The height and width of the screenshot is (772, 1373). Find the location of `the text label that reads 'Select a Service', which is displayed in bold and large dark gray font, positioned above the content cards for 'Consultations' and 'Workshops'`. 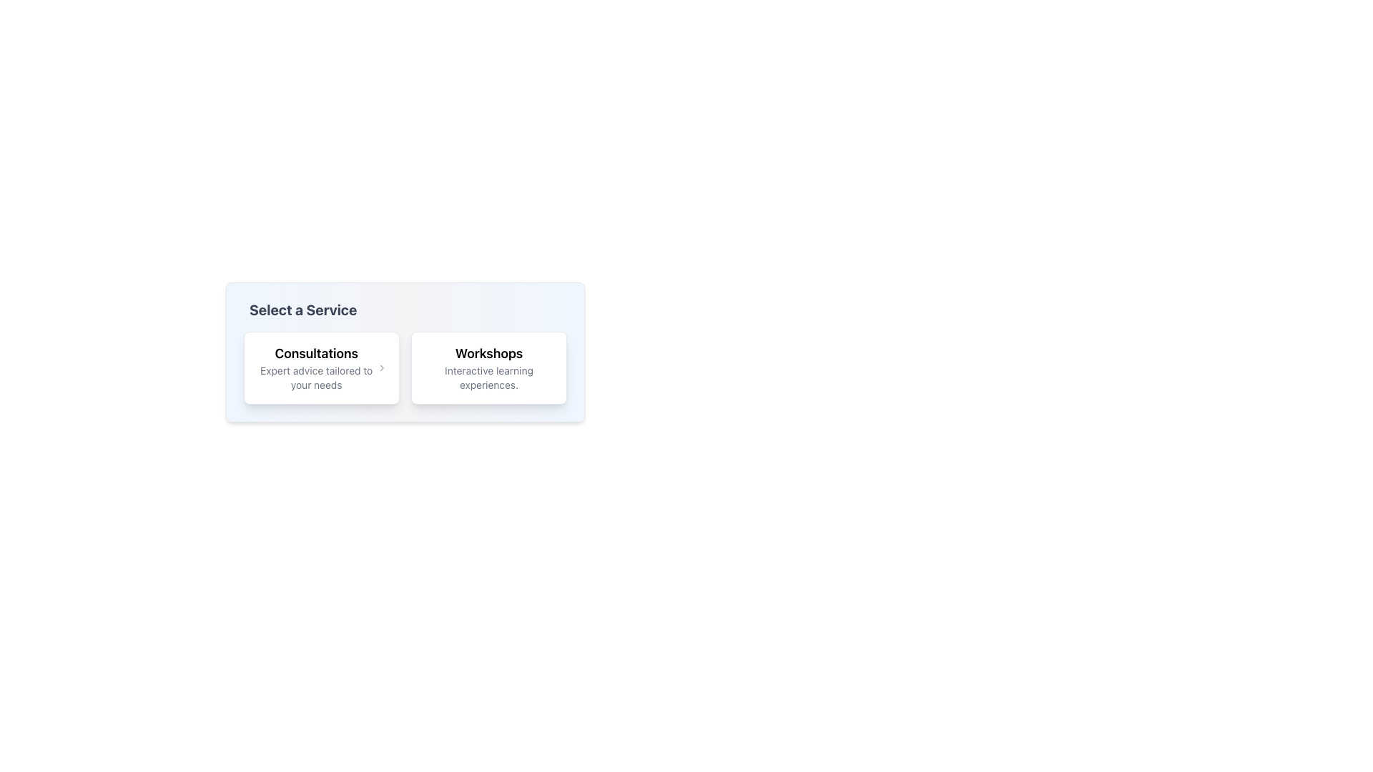

the text label that reads 'Select a Service', which is displayed in bold and large dark gray font, positioned above the content cards for 'Consultations' and 'Workshops' is located at coordinates (302, 310).